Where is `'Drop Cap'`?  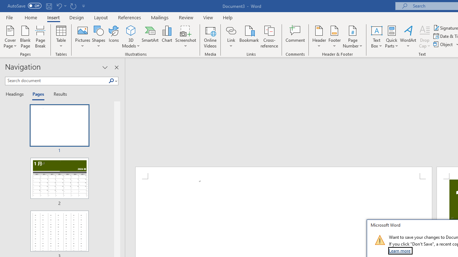 'Drop Cap' is located at coordinates (425, 37).